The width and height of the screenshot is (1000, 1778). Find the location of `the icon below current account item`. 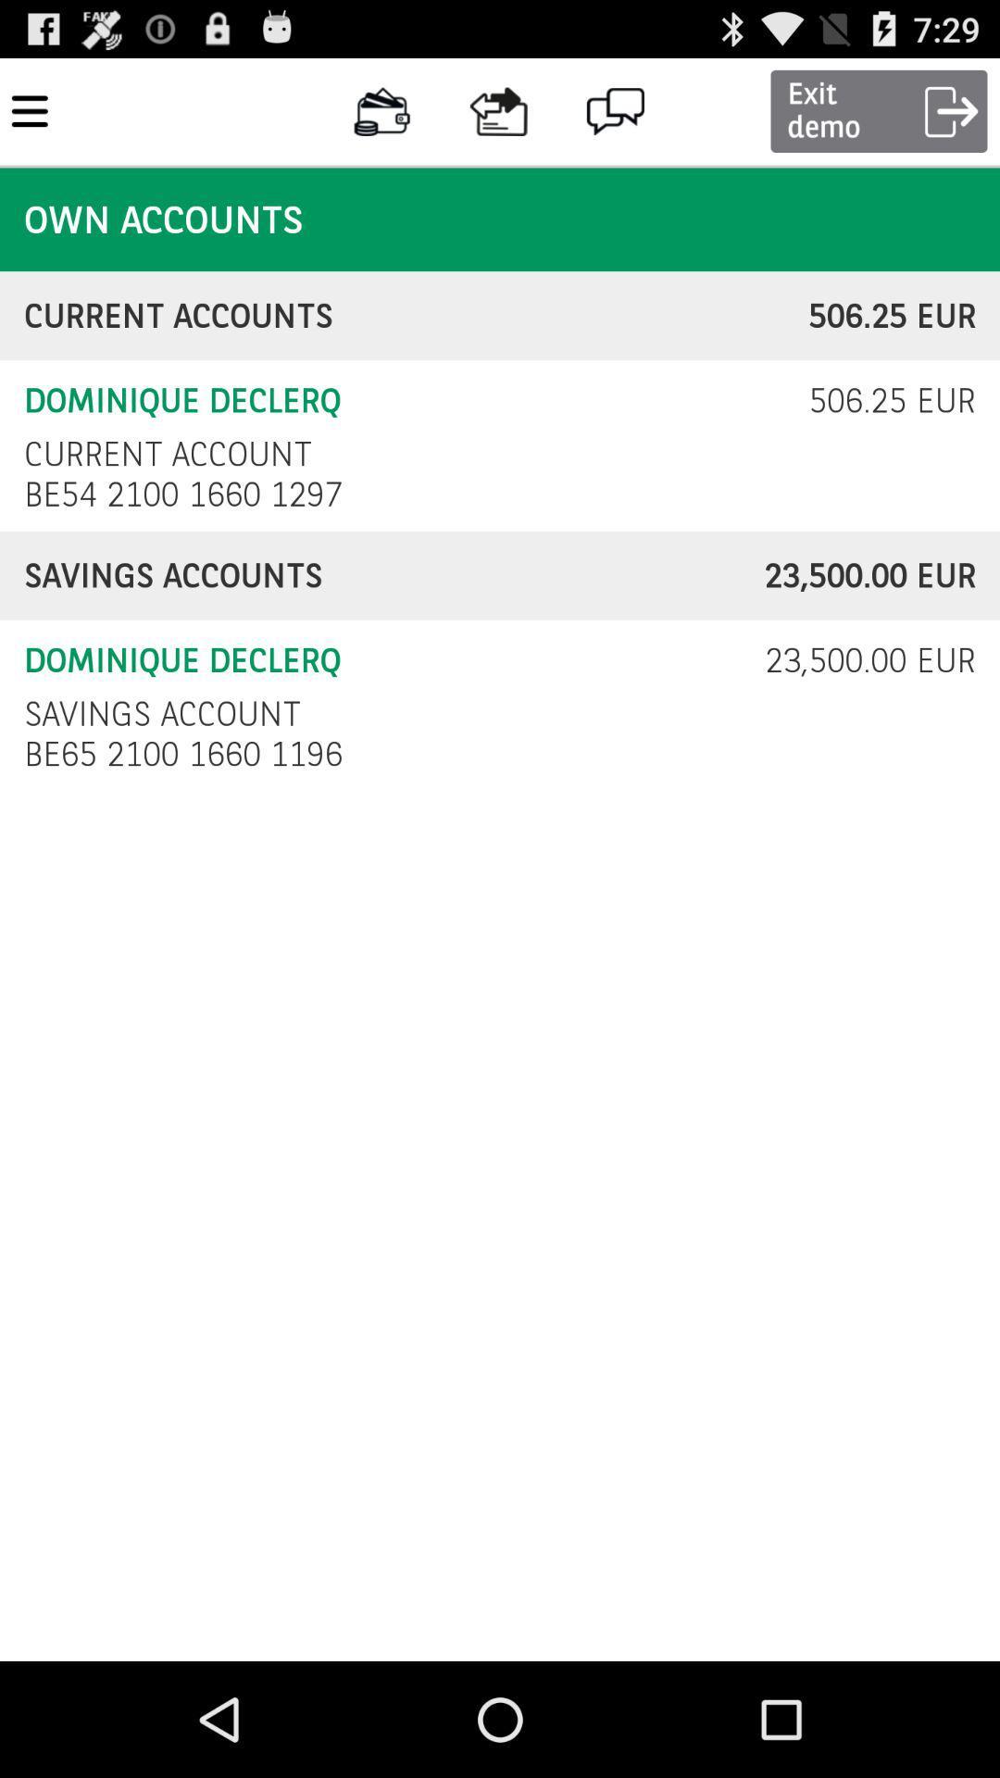

the icon below current account item is located at coordinates (188, 494).